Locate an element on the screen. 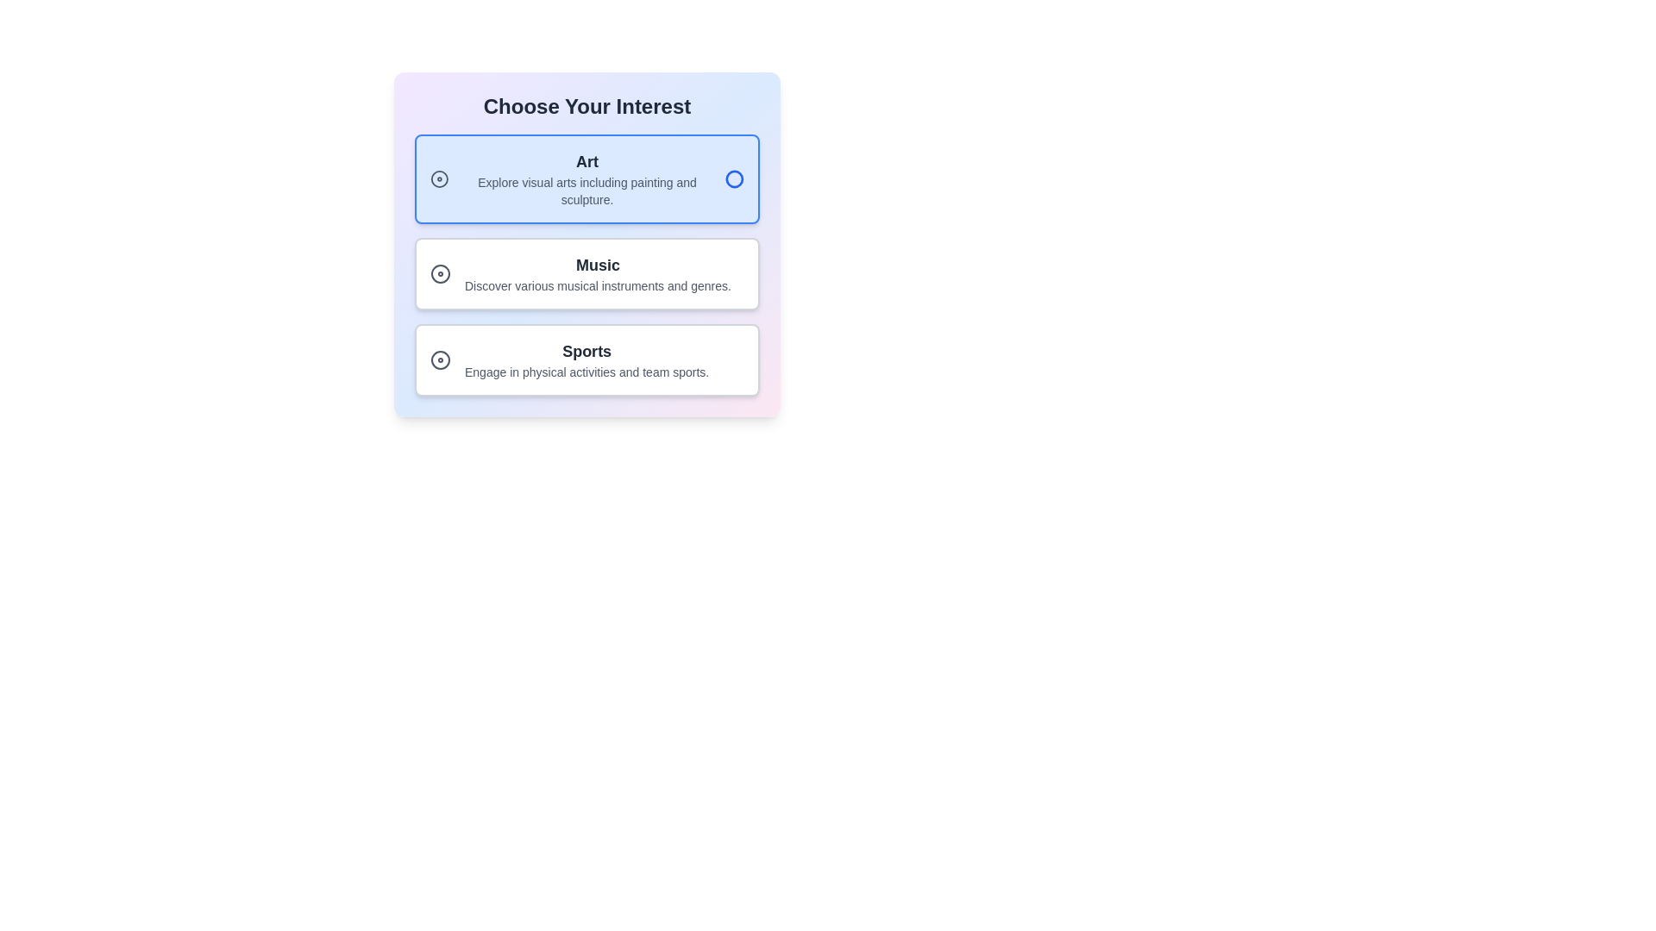 The width and height of the screenshot is (1656, 931). the second selectable item labeled 'Music' is located at coordinates (598, 272).